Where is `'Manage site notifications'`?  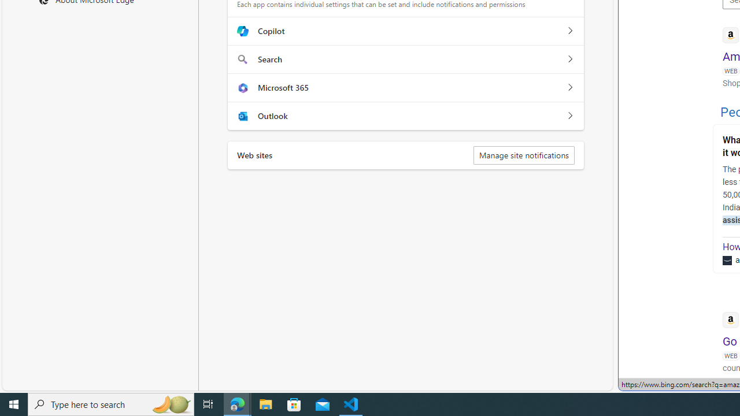 'Manage site notifications' is located at coordinates (523, 154).